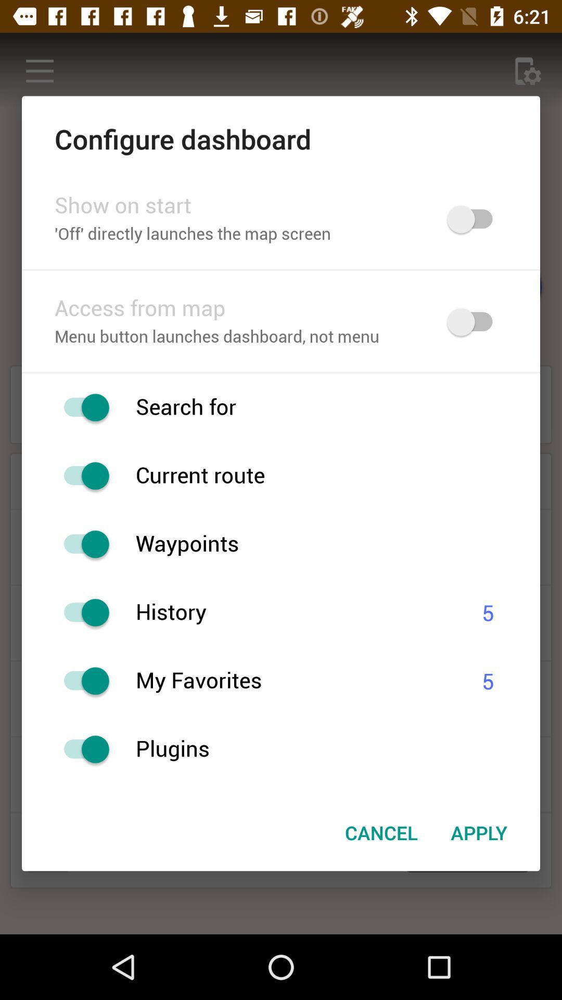 This screenshot has height=1000, width=562. I want to click on the icon to the left of 5, so click(296, 681).